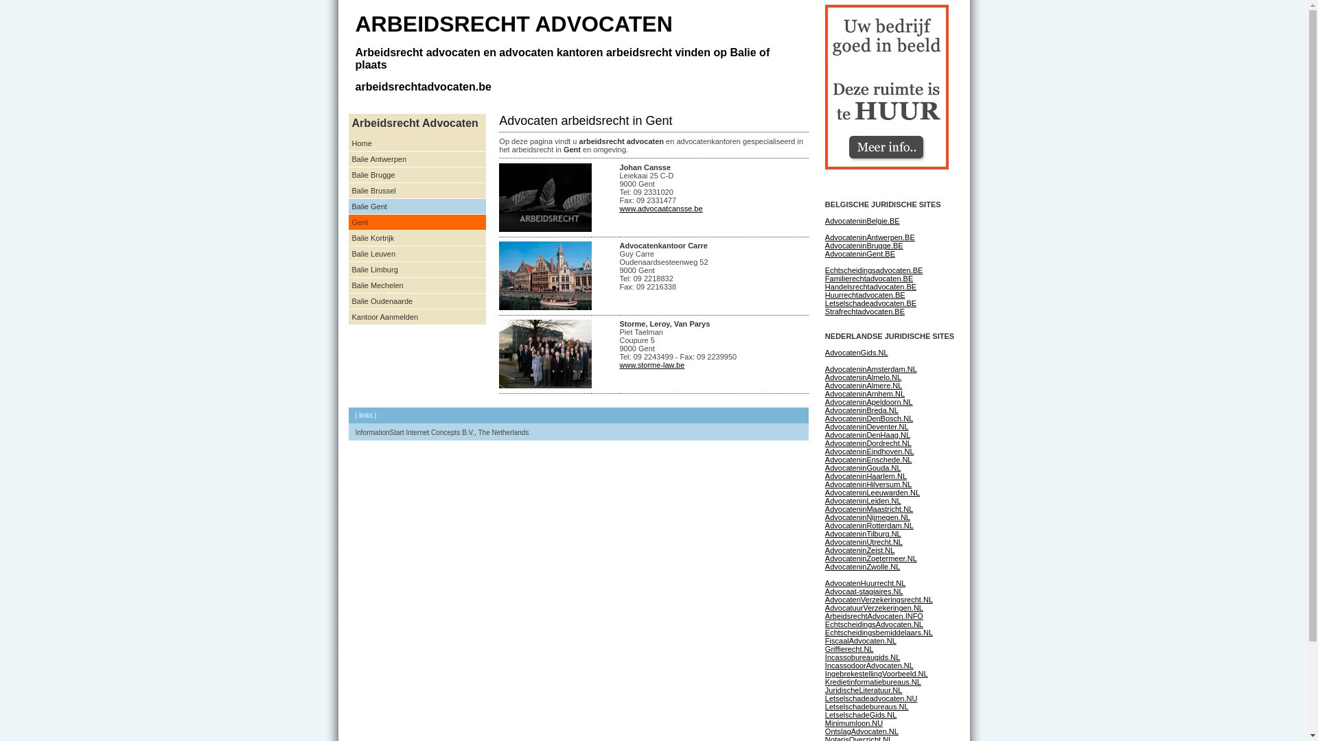 The height and width of the screenshot is (741, 1318). Describe the element at coordinates (865, 475) in the screenshot. I see `'AdvocateninHaarlem.NL'` at that location.